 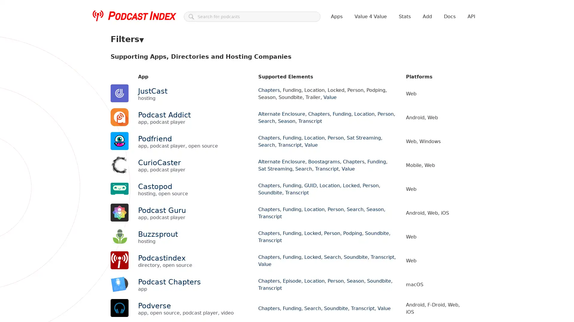 What do you see at coordinates (188, 90) in the screenshot?
I see `Boostagrams` at bounding box center [188, 90].